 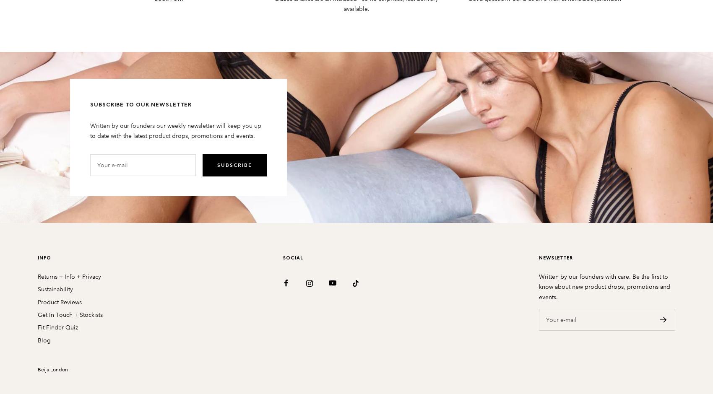 What do you see at coordinates (69, 276) in the screenshot?
I see `'Returns + Info + Privacy'` at bounding box center [69, 276].